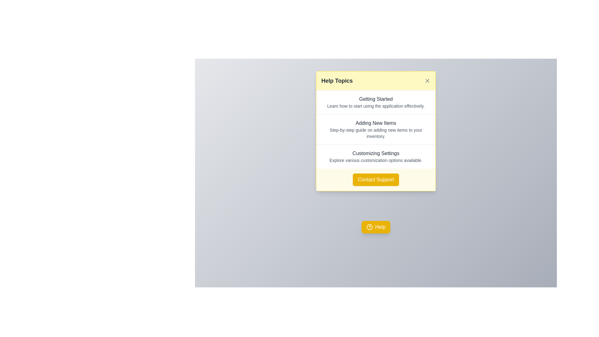 The width and height of the screenshot is (599, 337). I want to click on the yellow button labeled 'Contact Support', so click(375, 179).